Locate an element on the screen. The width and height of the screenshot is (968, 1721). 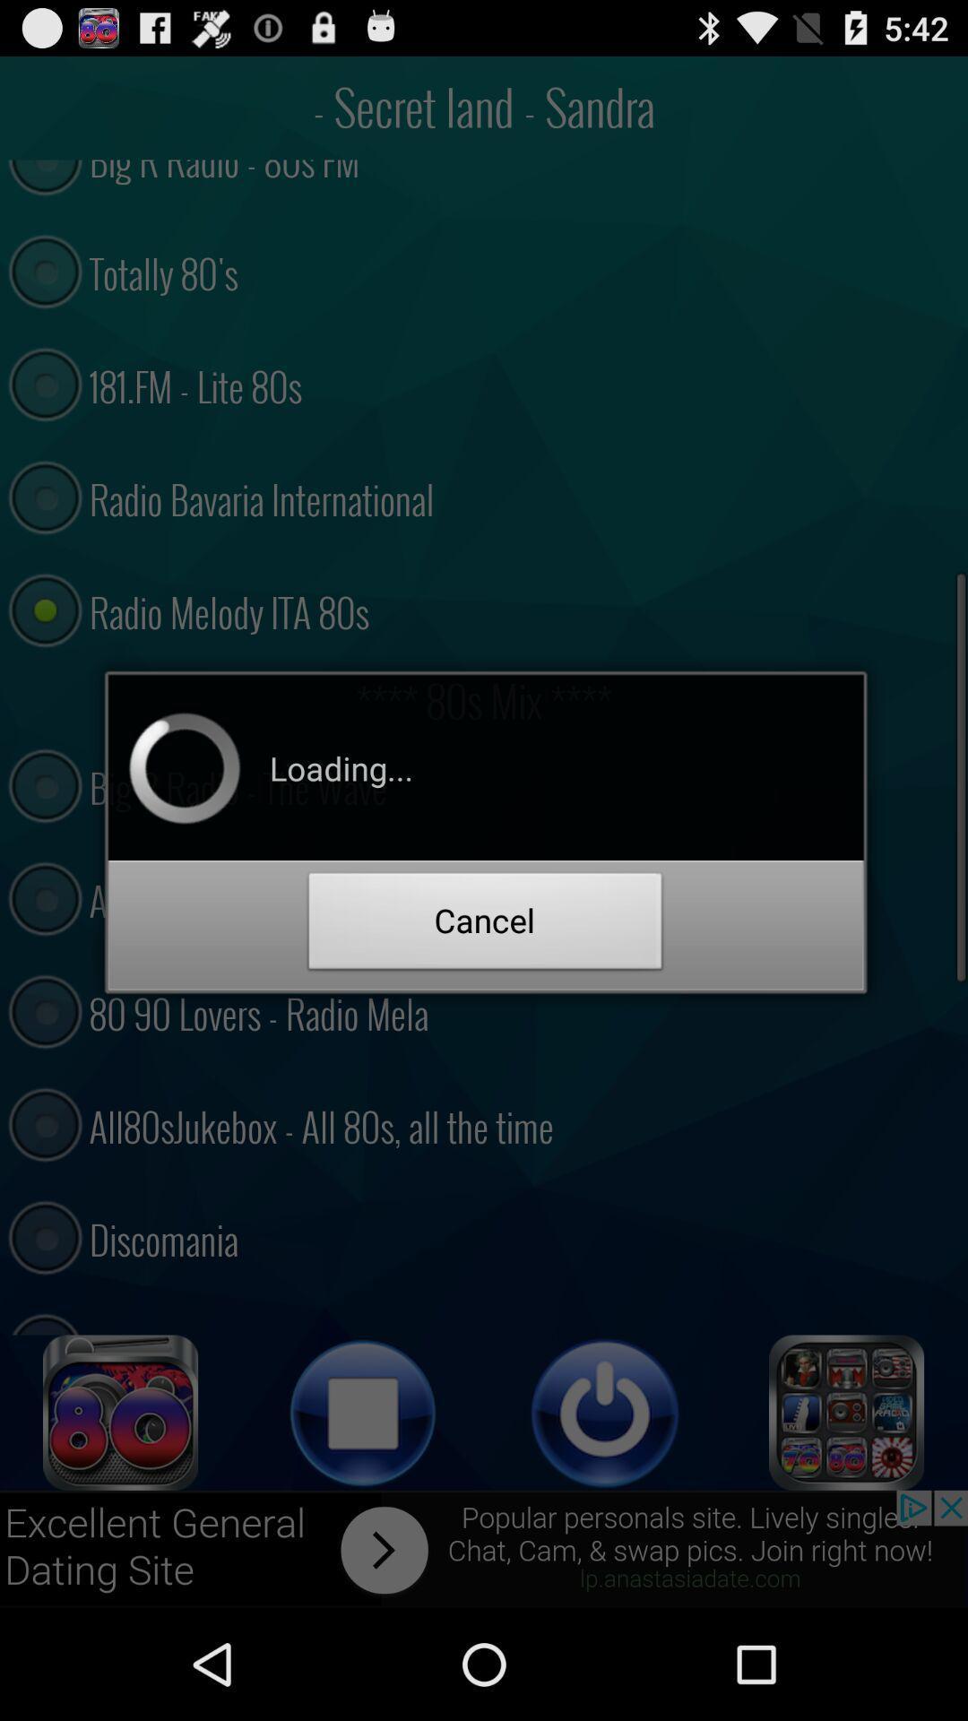
exit is located at coordinates (605, 1412).